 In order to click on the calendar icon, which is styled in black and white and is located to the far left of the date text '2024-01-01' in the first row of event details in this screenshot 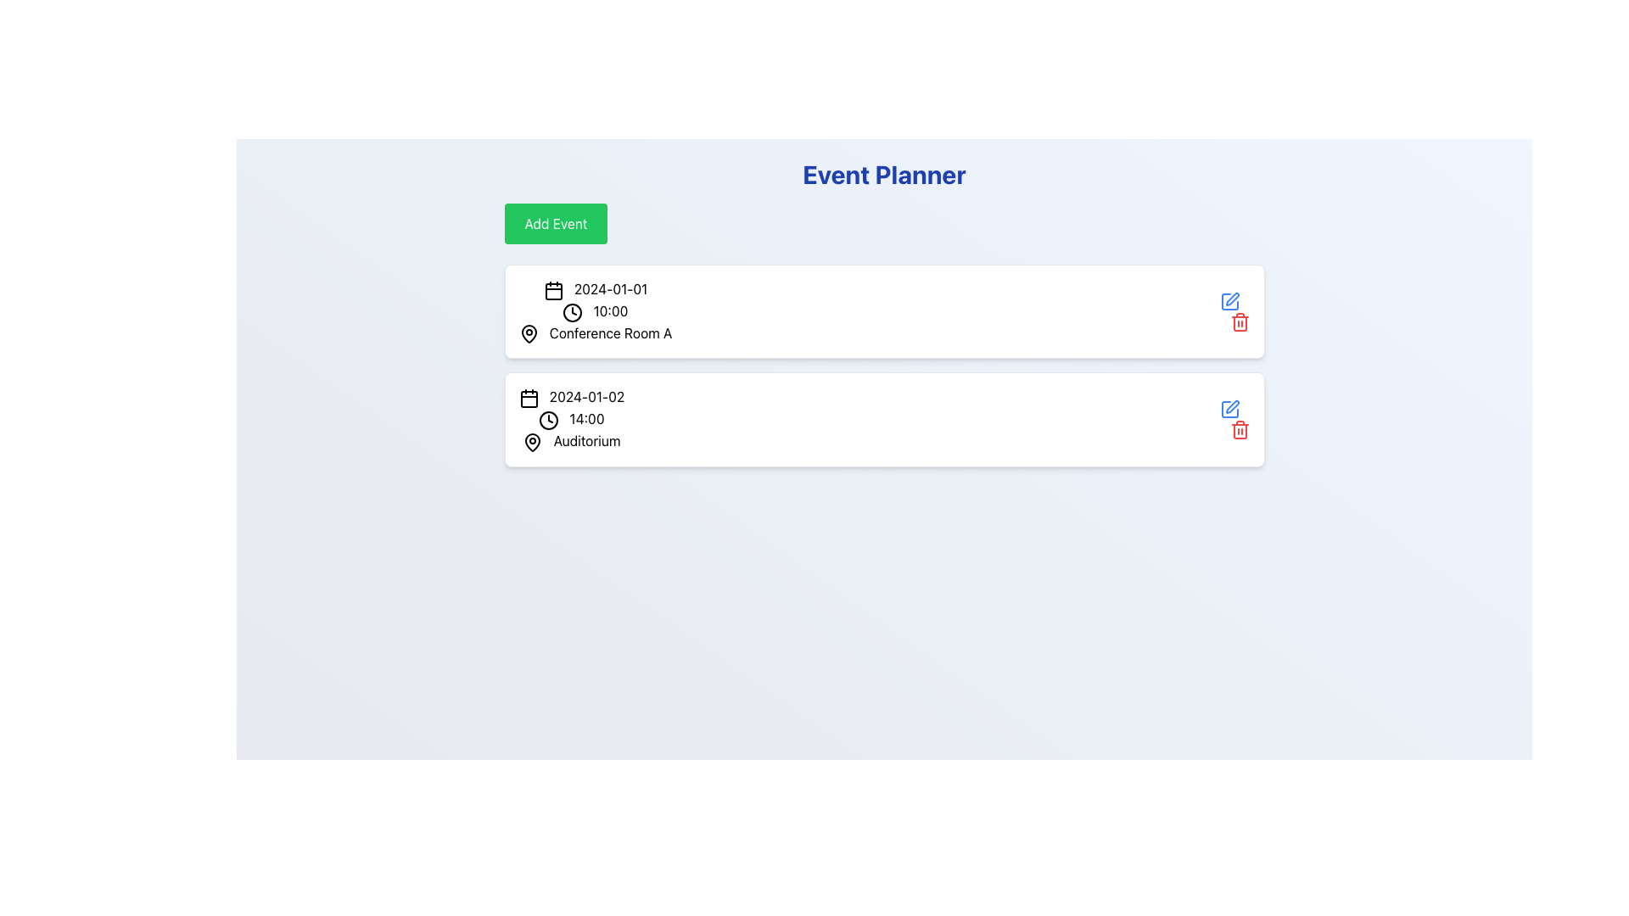, I will do `click(553, 289)`.